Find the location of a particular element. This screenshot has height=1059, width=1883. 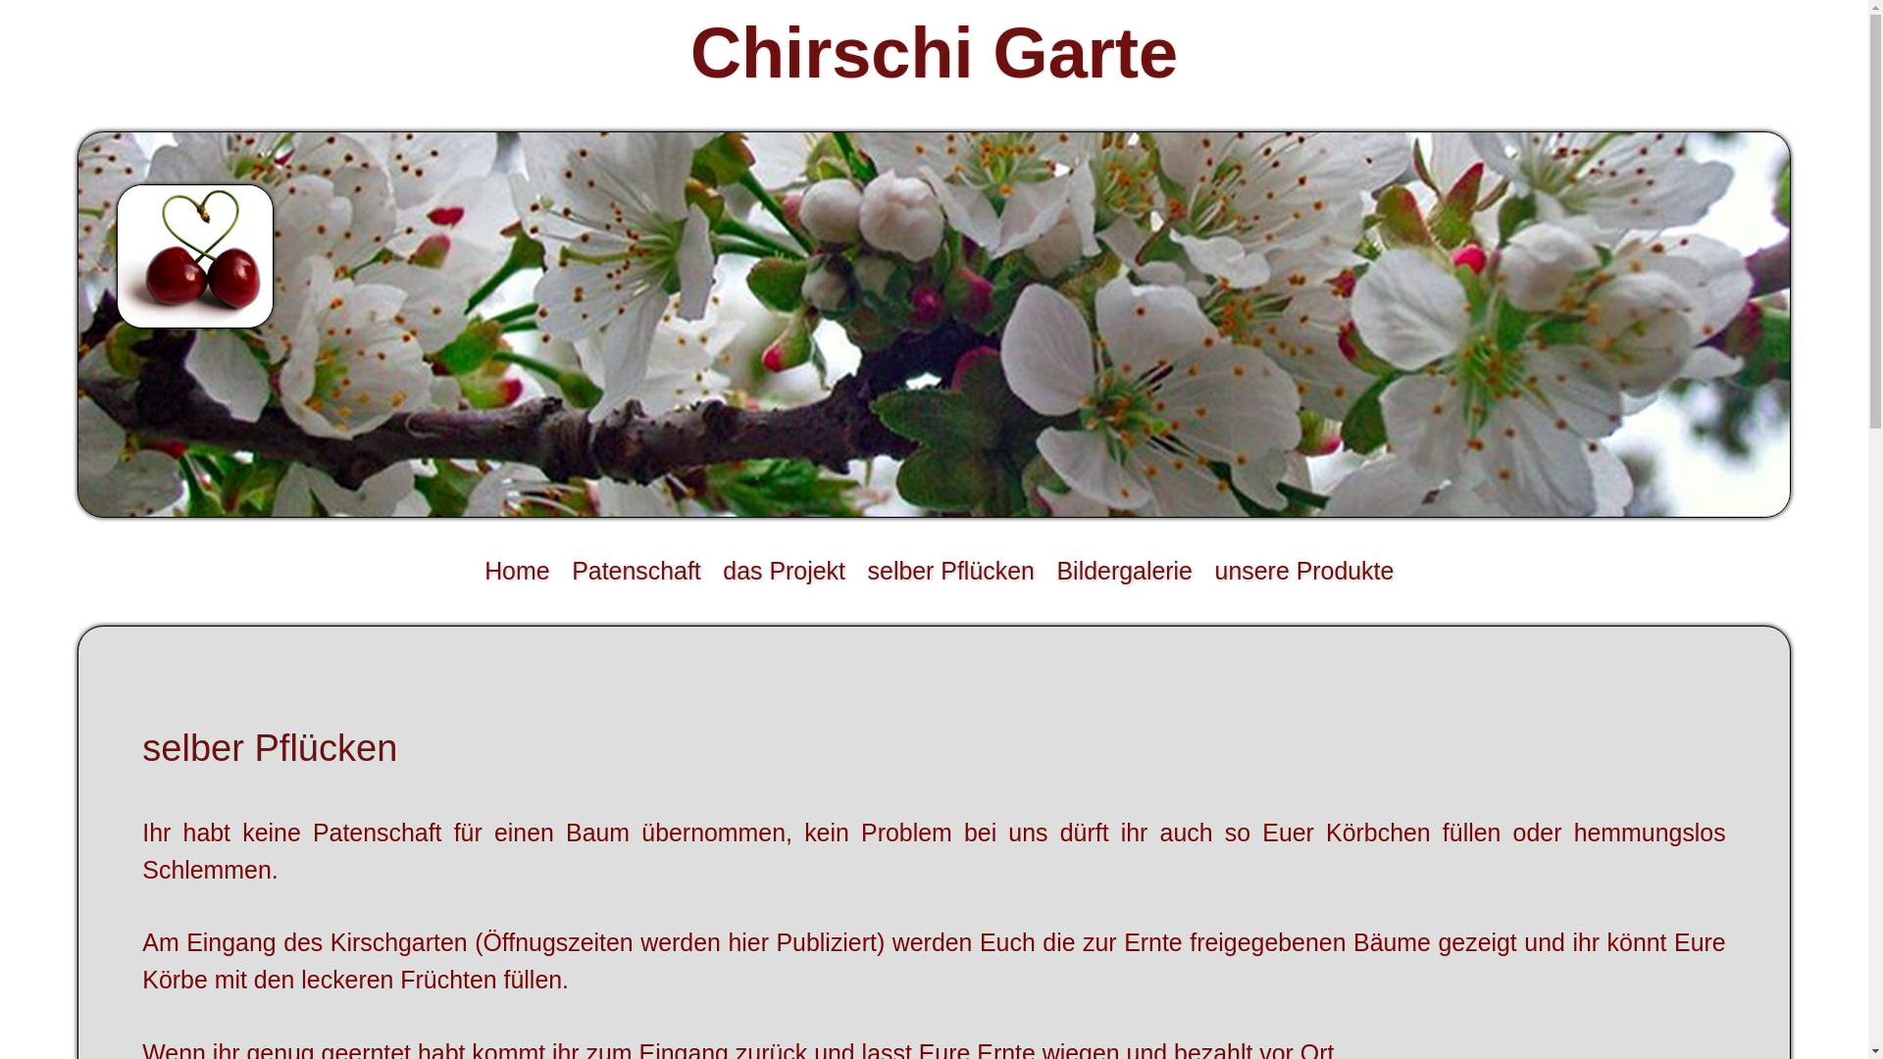

'Bildergalerie' is located at coordinates (1125, 571).